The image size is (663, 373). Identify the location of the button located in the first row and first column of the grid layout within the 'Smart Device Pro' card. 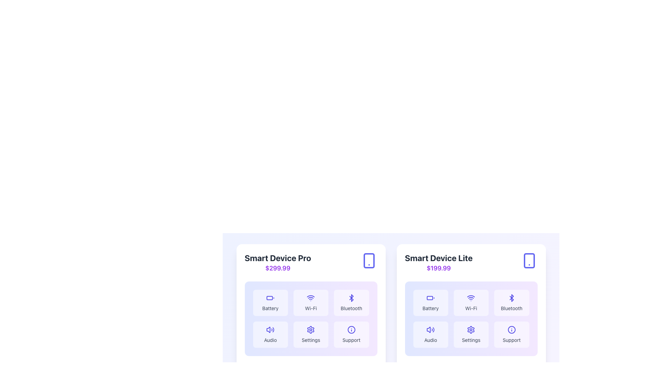
(270, 302).